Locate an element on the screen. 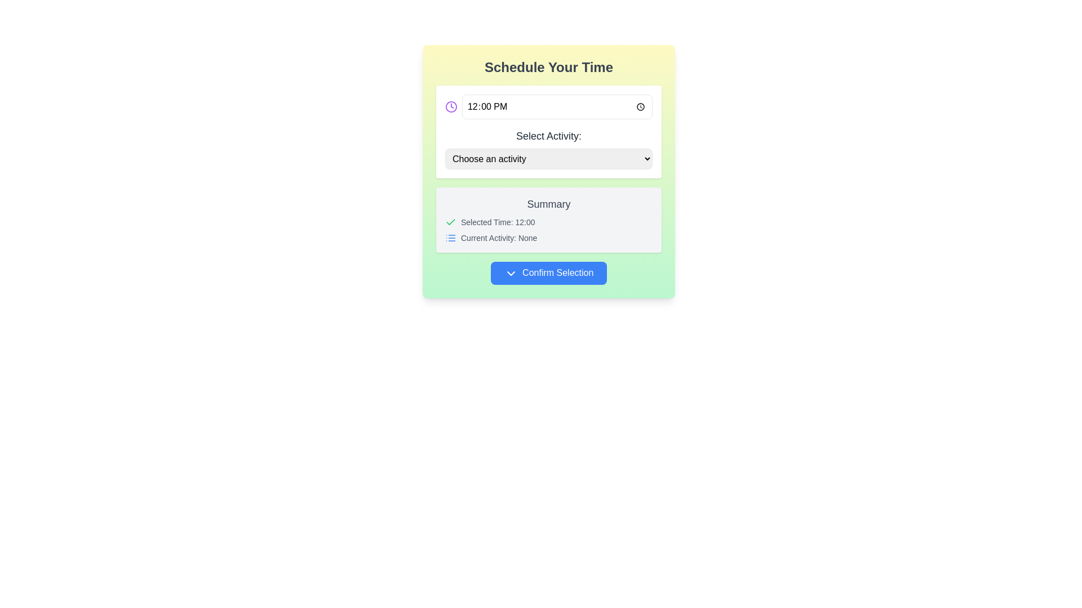 The image size is (1082, 608). the dropdown menu labeled 'Choose an activity' by tabbing into it is located at coordinates (549, 159).